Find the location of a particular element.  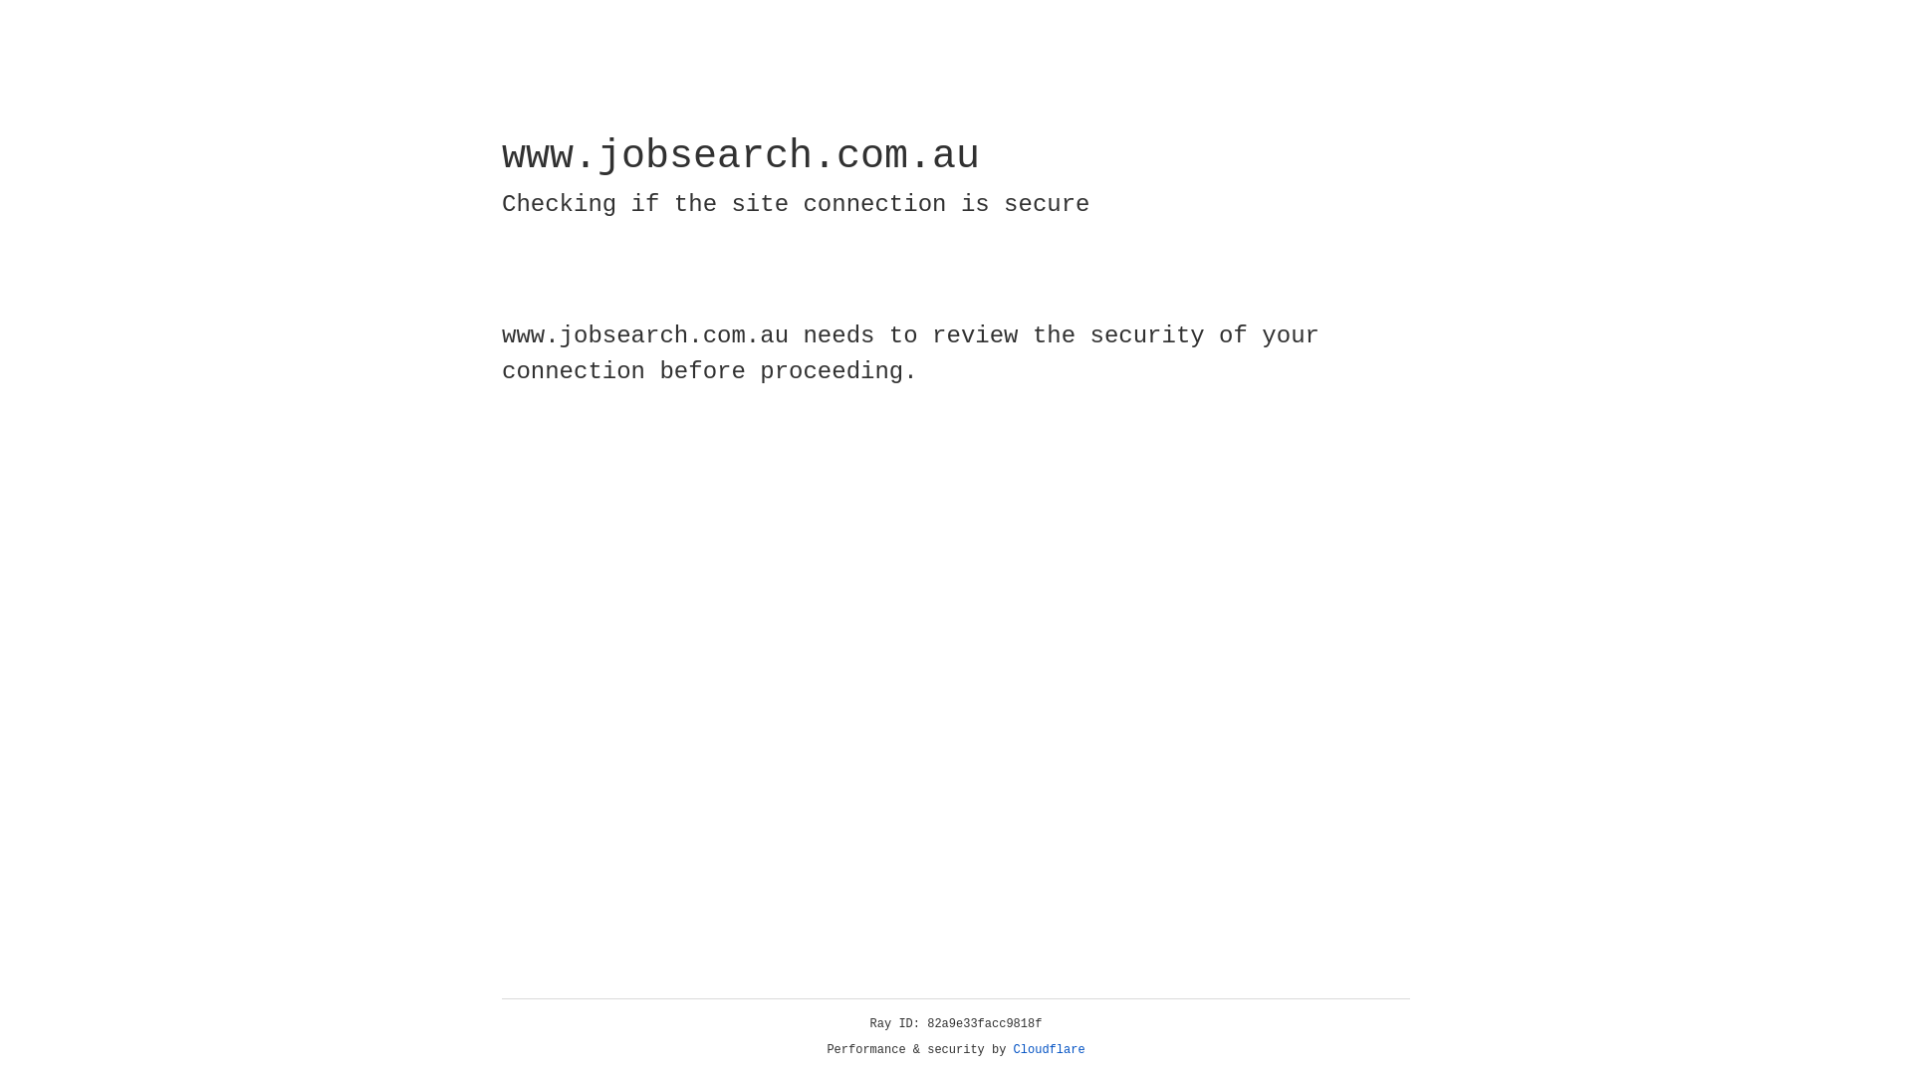

'Cloudflare' is located at coordinates (1049, 1049).